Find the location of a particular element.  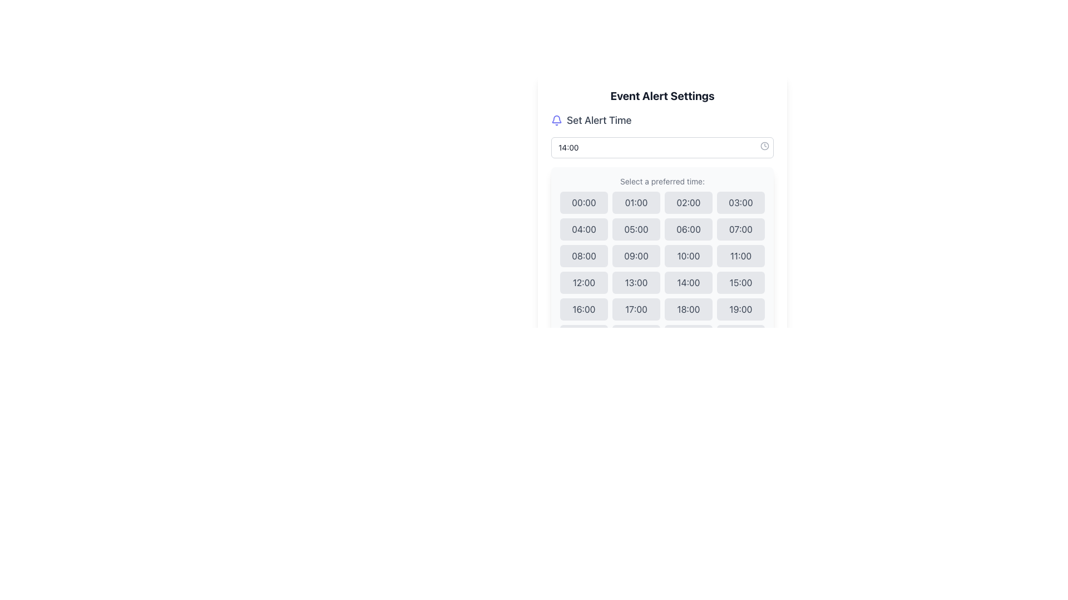

the button displaying '09:00', which is the second grid cell in the third row of the time selection widget is located at coordinates (636, 256).